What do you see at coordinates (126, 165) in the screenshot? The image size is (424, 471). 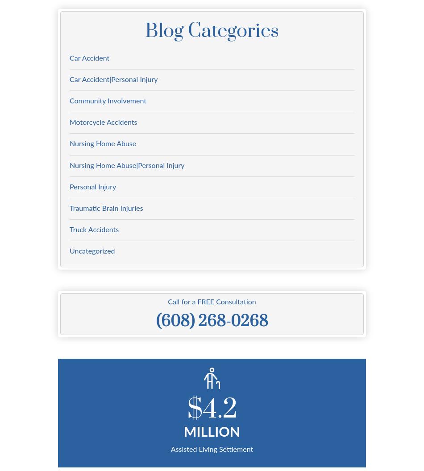 I see `'Nursing Home Abuse|Personal Injury'` at bounding box center [126, 165].